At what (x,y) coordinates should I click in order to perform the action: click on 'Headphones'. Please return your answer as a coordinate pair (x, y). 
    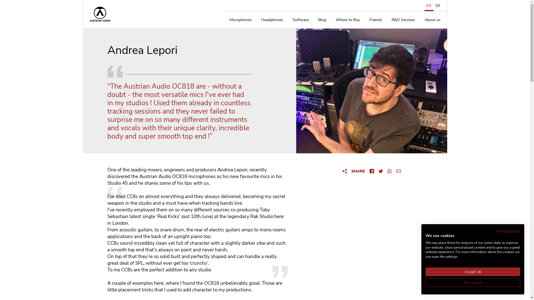
    Looking at the image, I should click on (272, 20).